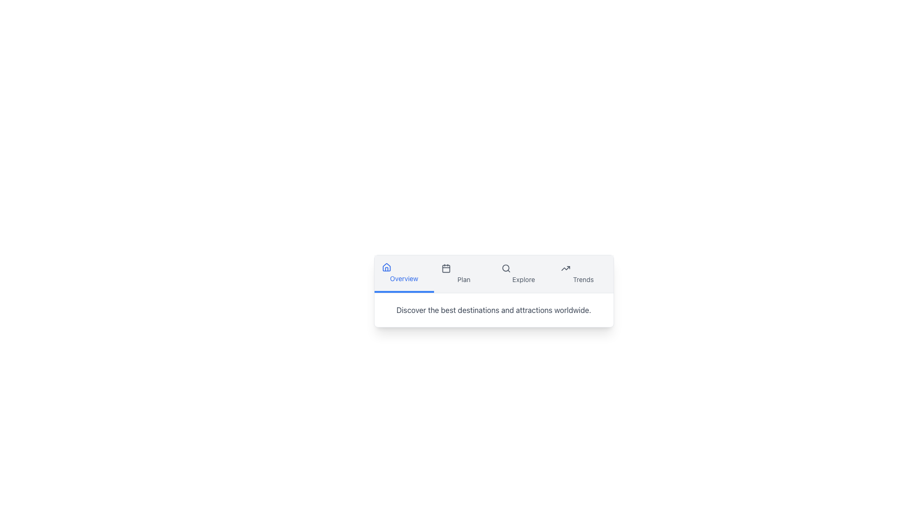  I want to click on the 'Plan' text label in the menu, which is located between the 'Overview' and 'Explore' options, directly below a calendar icon, so click(464, 279).